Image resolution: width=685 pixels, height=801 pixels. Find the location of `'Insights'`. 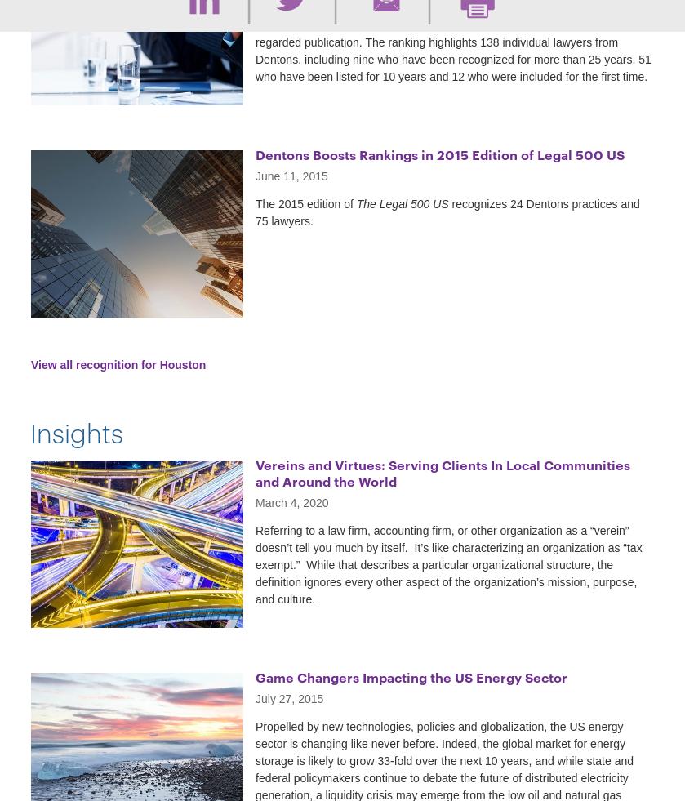

'Insights' is located at coordinates (76, 431).